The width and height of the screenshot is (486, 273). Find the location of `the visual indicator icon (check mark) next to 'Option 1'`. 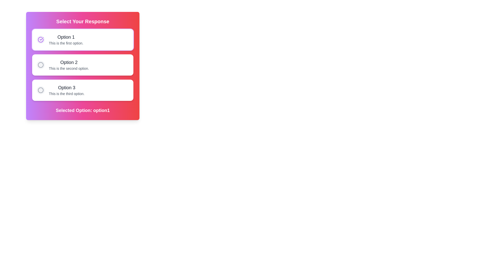

the visual indicator icon (check mark) next to 'Option 1' is located at coordinates (42, 39).